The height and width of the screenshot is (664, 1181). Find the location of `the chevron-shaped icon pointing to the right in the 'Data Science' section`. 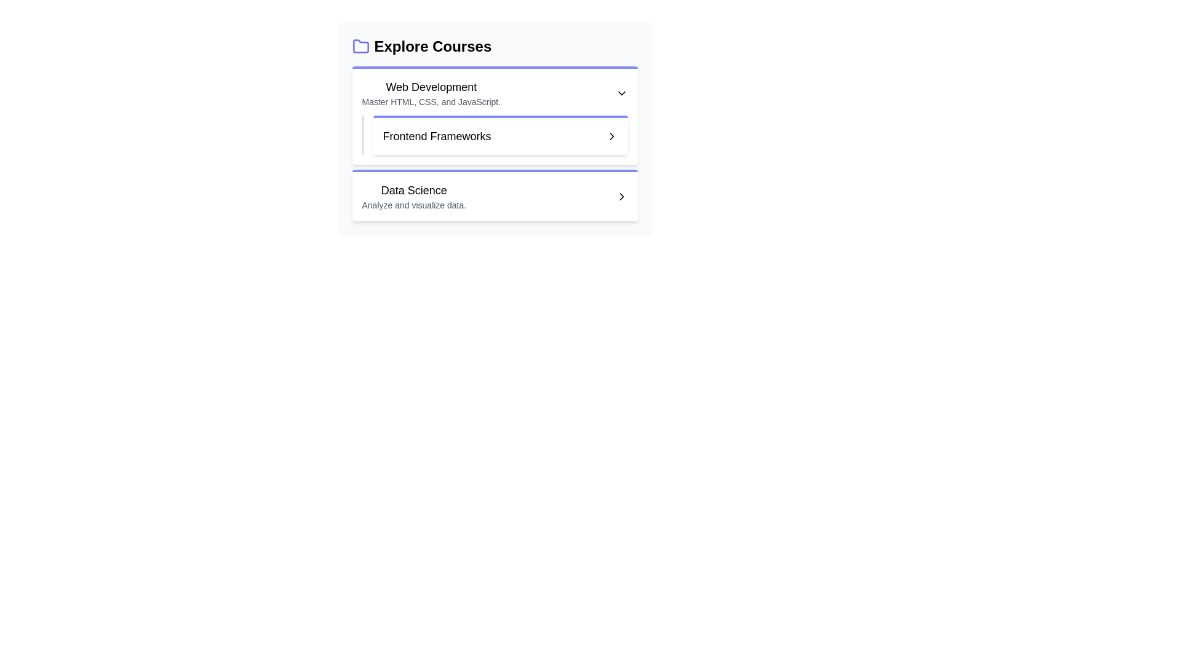

the chevron-shaped icon pointing to the right in the 'Data Science' section is located at coordinates (621, 196).